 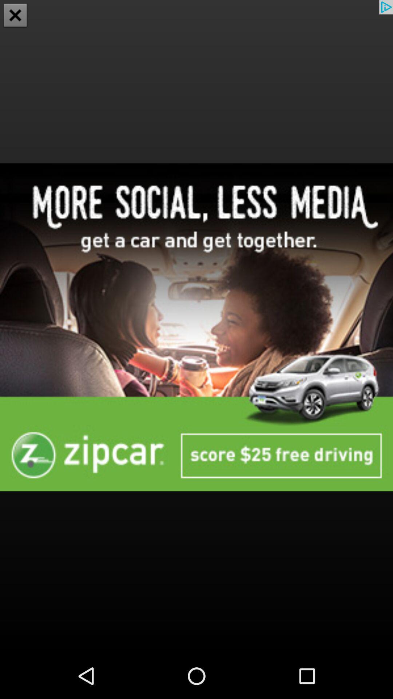 What do you see at coordinates (15, 16) in the screenshot?
I see `the close icon` at bounding box center [15, 16].